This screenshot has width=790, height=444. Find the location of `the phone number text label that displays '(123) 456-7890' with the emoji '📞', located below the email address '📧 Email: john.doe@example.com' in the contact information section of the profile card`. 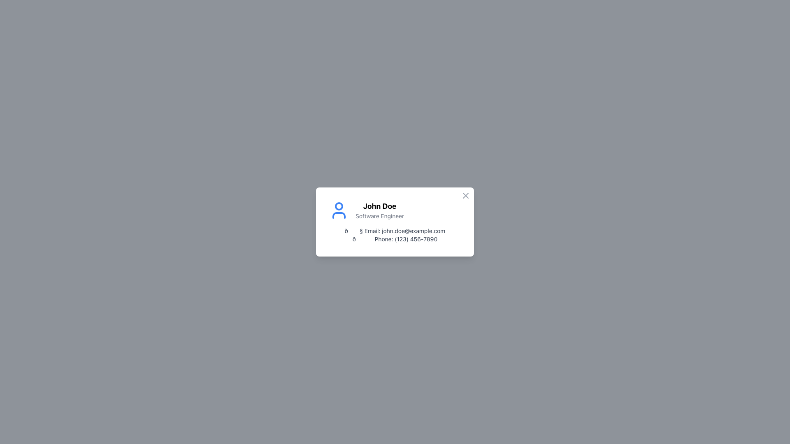

the phone number text label that displays '(123) 456-7890' with the emoji '📞', located below the email address '📧 Email: john.doe@example.com' in the contact information section of the profile card is located at coordinates (395, 239).